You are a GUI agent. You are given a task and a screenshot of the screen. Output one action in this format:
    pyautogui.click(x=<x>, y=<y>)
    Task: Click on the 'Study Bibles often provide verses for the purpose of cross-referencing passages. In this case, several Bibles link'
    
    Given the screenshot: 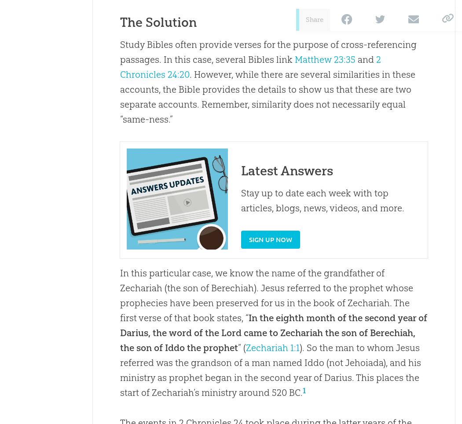 What is the action you would take?
    pyautogui.click(x=268, y=52)
    